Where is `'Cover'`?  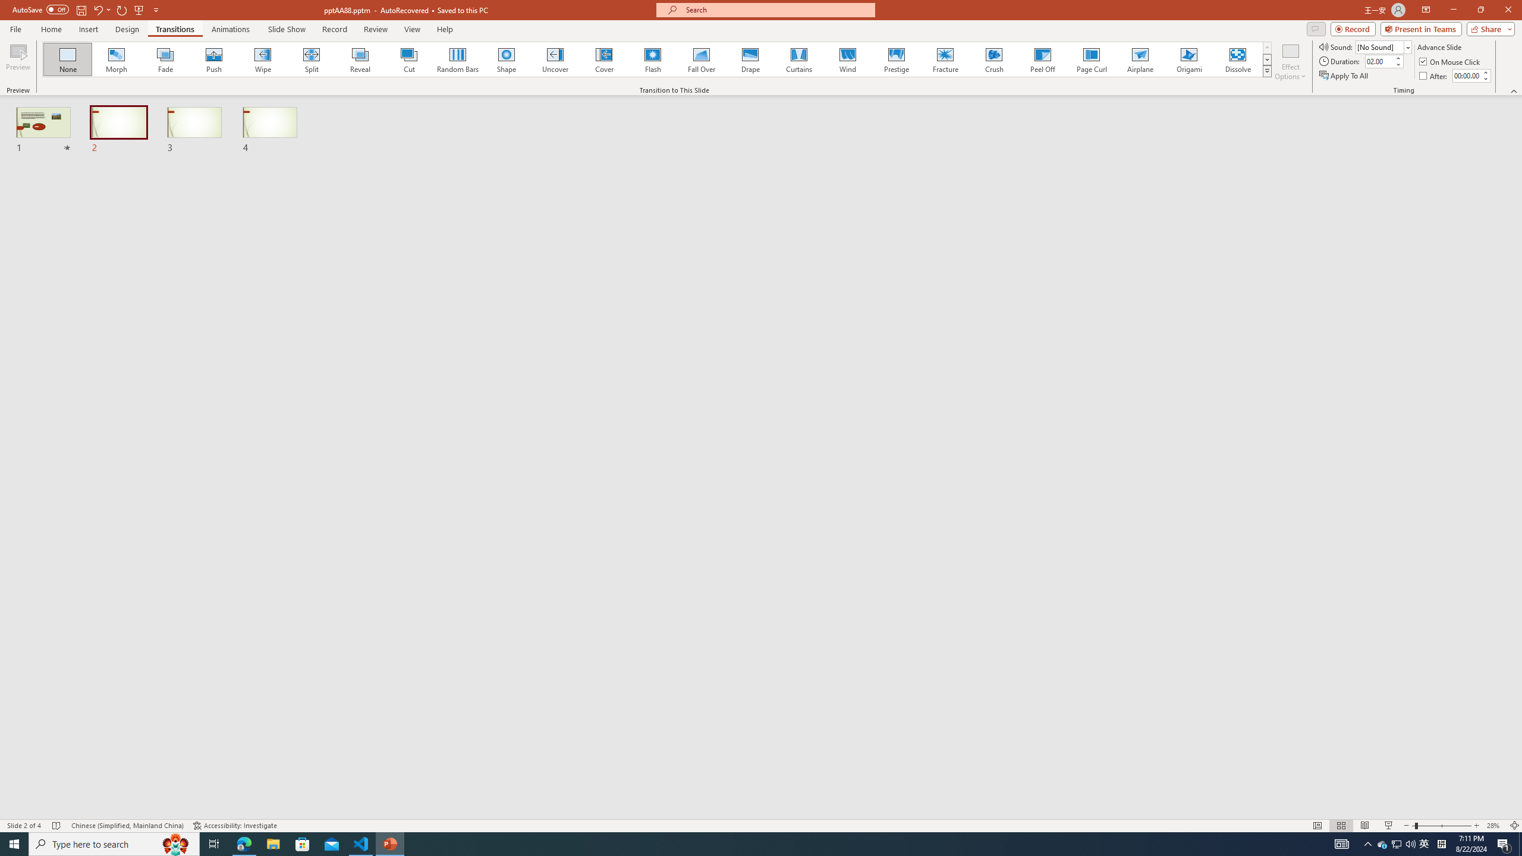 'Cover' is located at coordinates (603, 59).